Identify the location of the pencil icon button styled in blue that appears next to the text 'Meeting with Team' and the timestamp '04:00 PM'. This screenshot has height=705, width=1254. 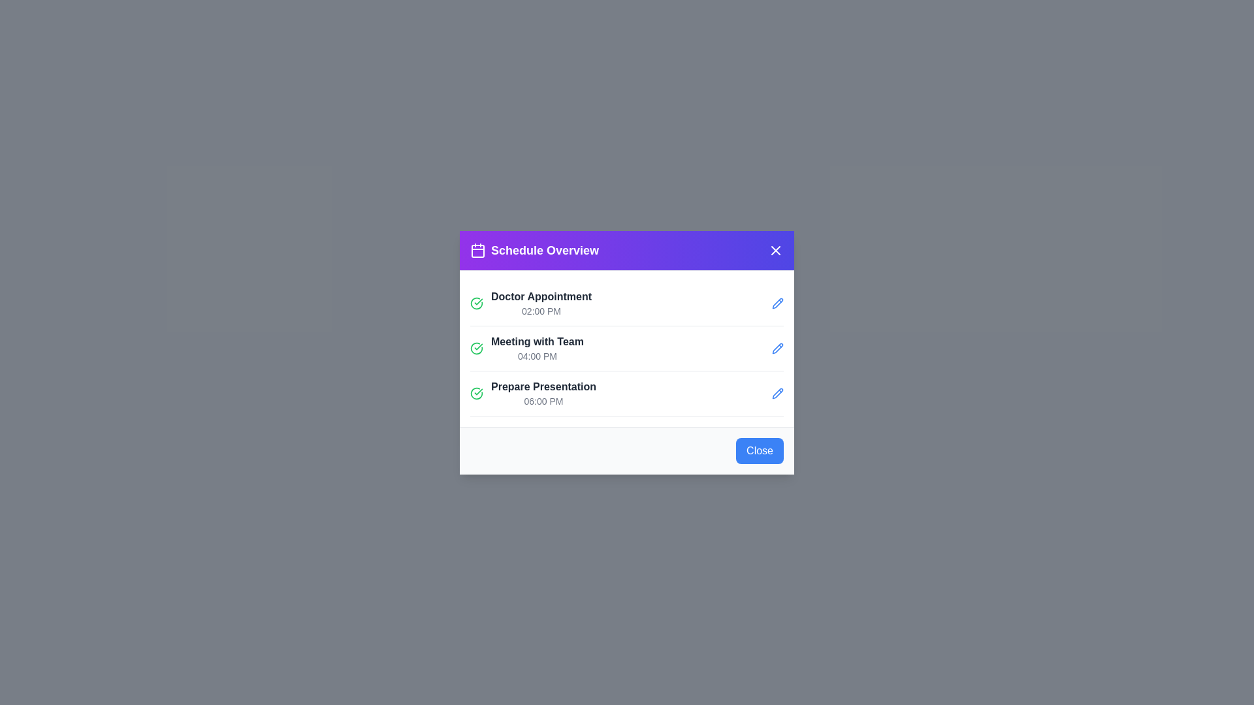
(777, 347).